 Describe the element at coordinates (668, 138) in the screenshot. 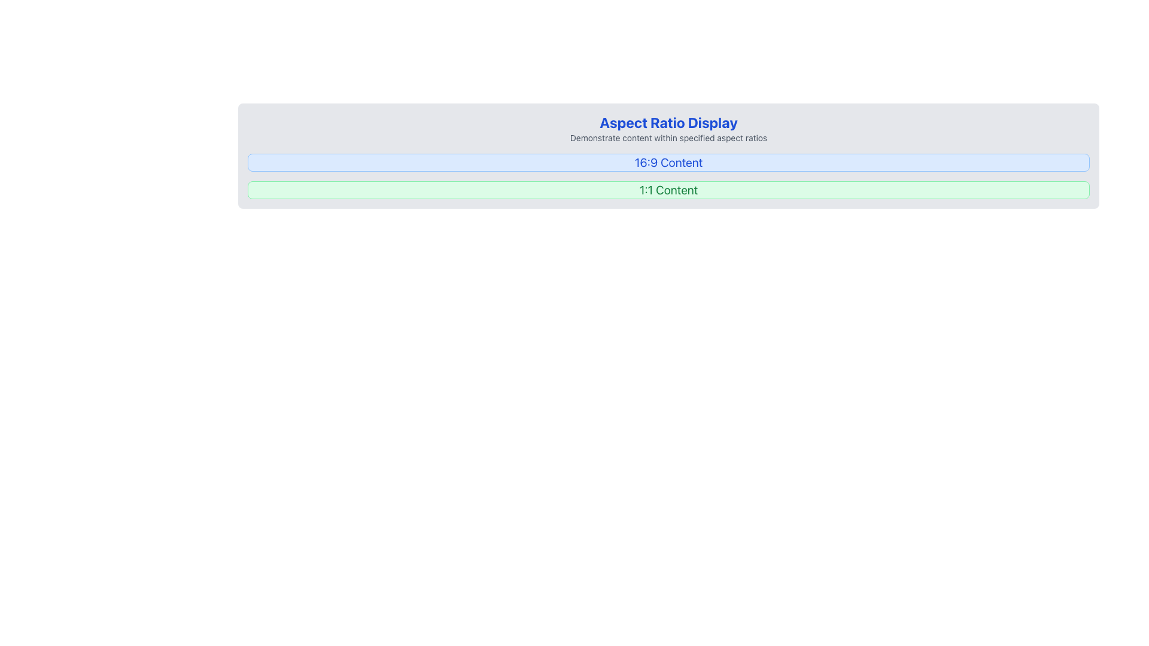

I see `the text label that provides descriptive information about the main title 'Aspect Ratio Display', positioned directly below the headline` at that location.